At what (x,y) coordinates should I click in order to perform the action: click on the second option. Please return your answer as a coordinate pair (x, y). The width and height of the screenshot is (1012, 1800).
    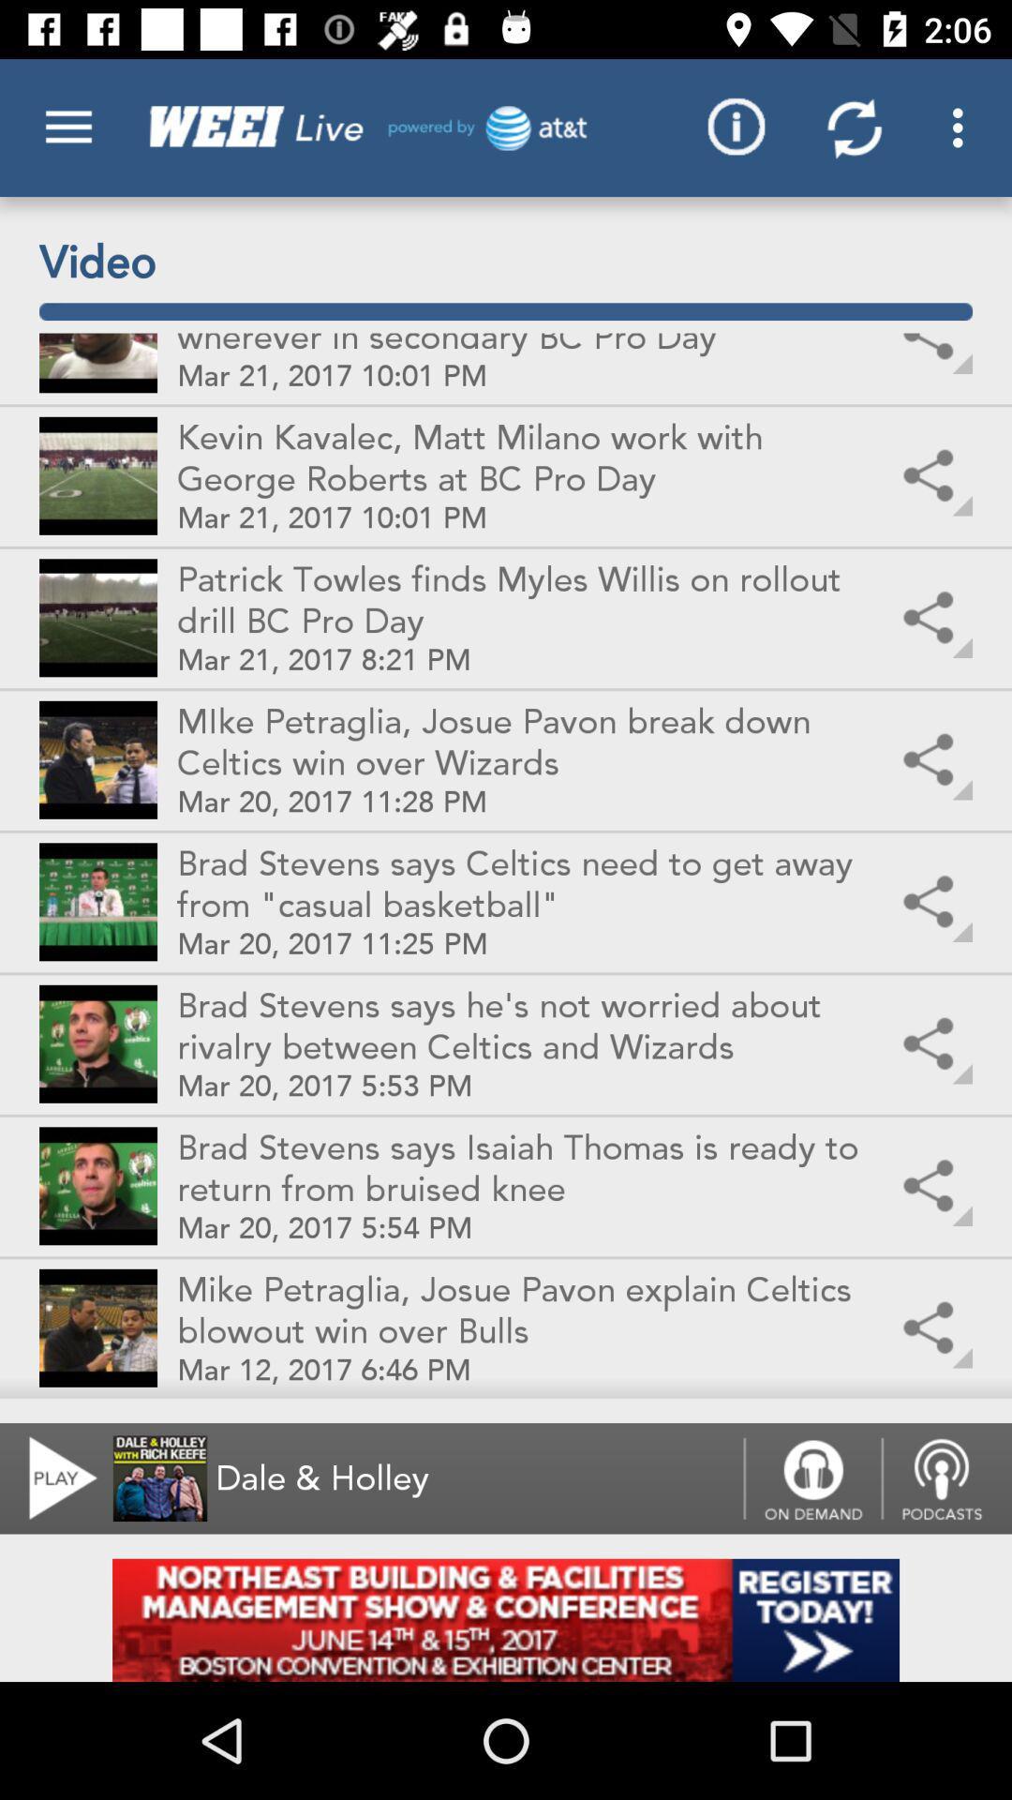
    Looking at the image, I should click on (97, 476).